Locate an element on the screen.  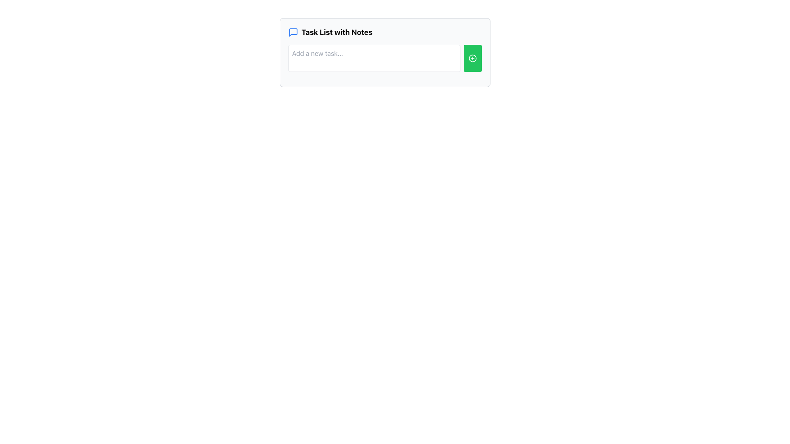
the blue speech bubble icon located in the top-left corner of the 'Task List with Notes' header is located at coordinates (293, 32).